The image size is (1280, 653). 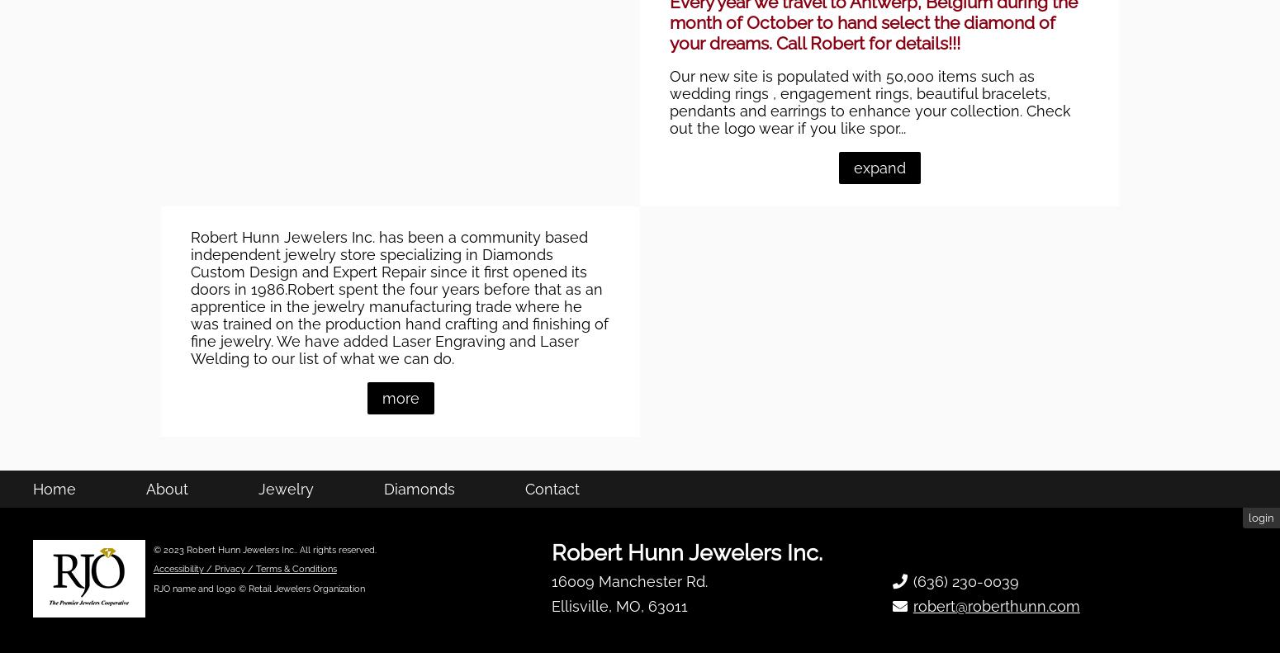 What do you see at coordinates (1261, 603) in the screenshot?
I see `'login'` at bounding box center [1261, 603].